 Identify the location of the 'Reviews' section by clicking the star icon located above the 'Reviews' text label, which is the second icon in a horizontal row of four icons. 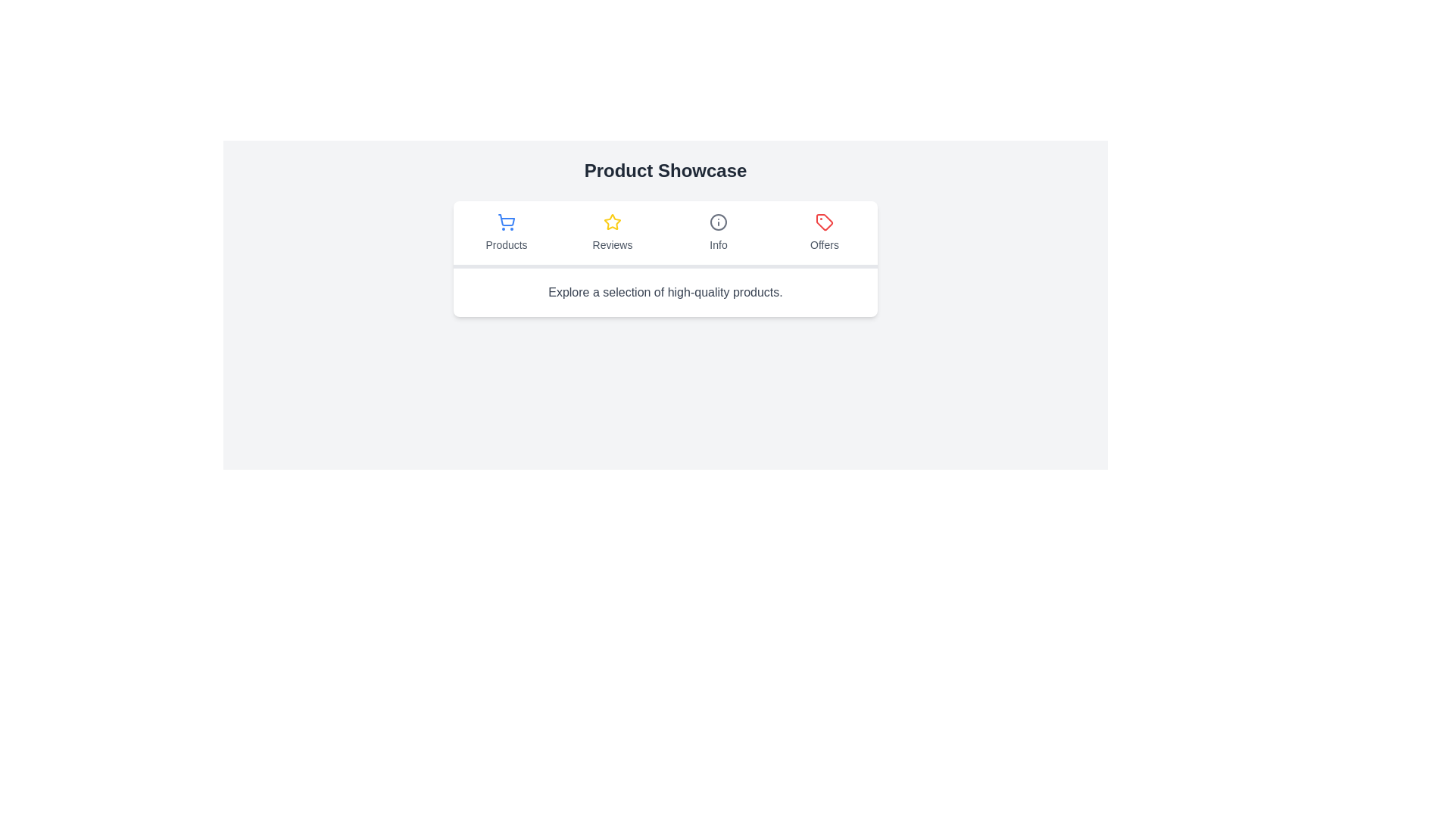
(613, 222).